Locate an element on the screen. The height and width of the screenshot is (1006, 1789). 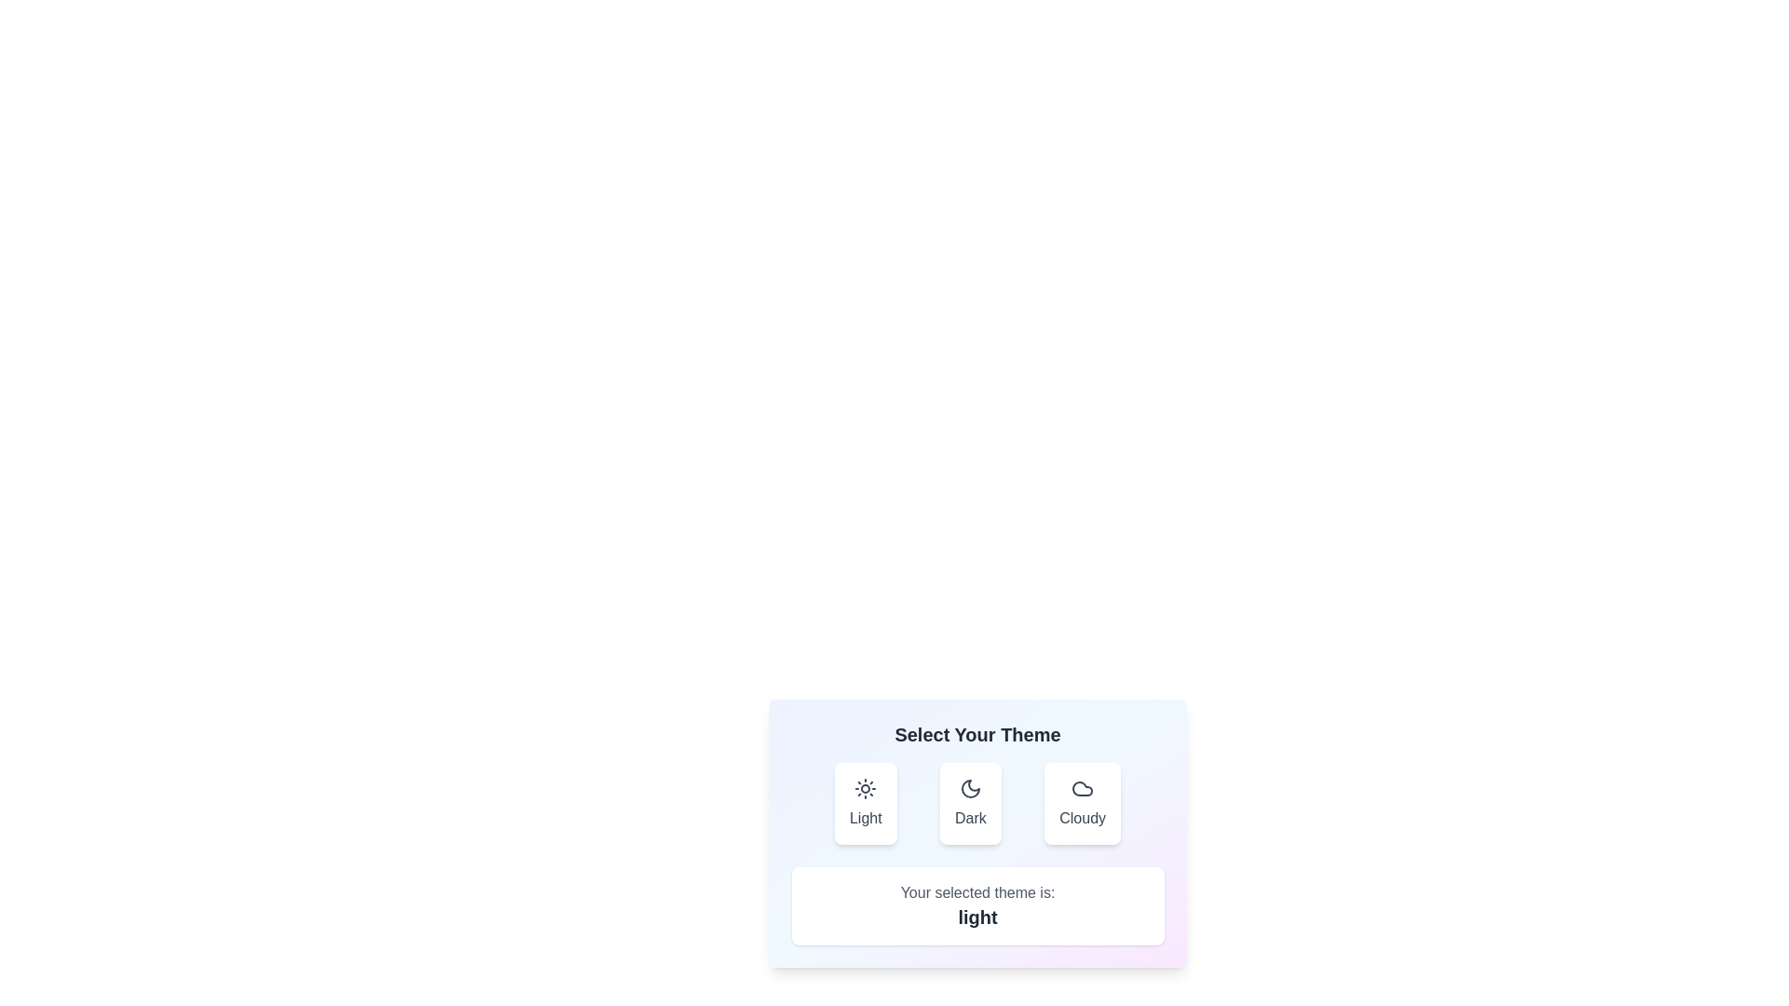
the 'Light' theme button, which is a card-like button with a light blue background, featuring a sun icon and rounded corners, located in the middle of the dialog box is located at coordinates (865, 803).